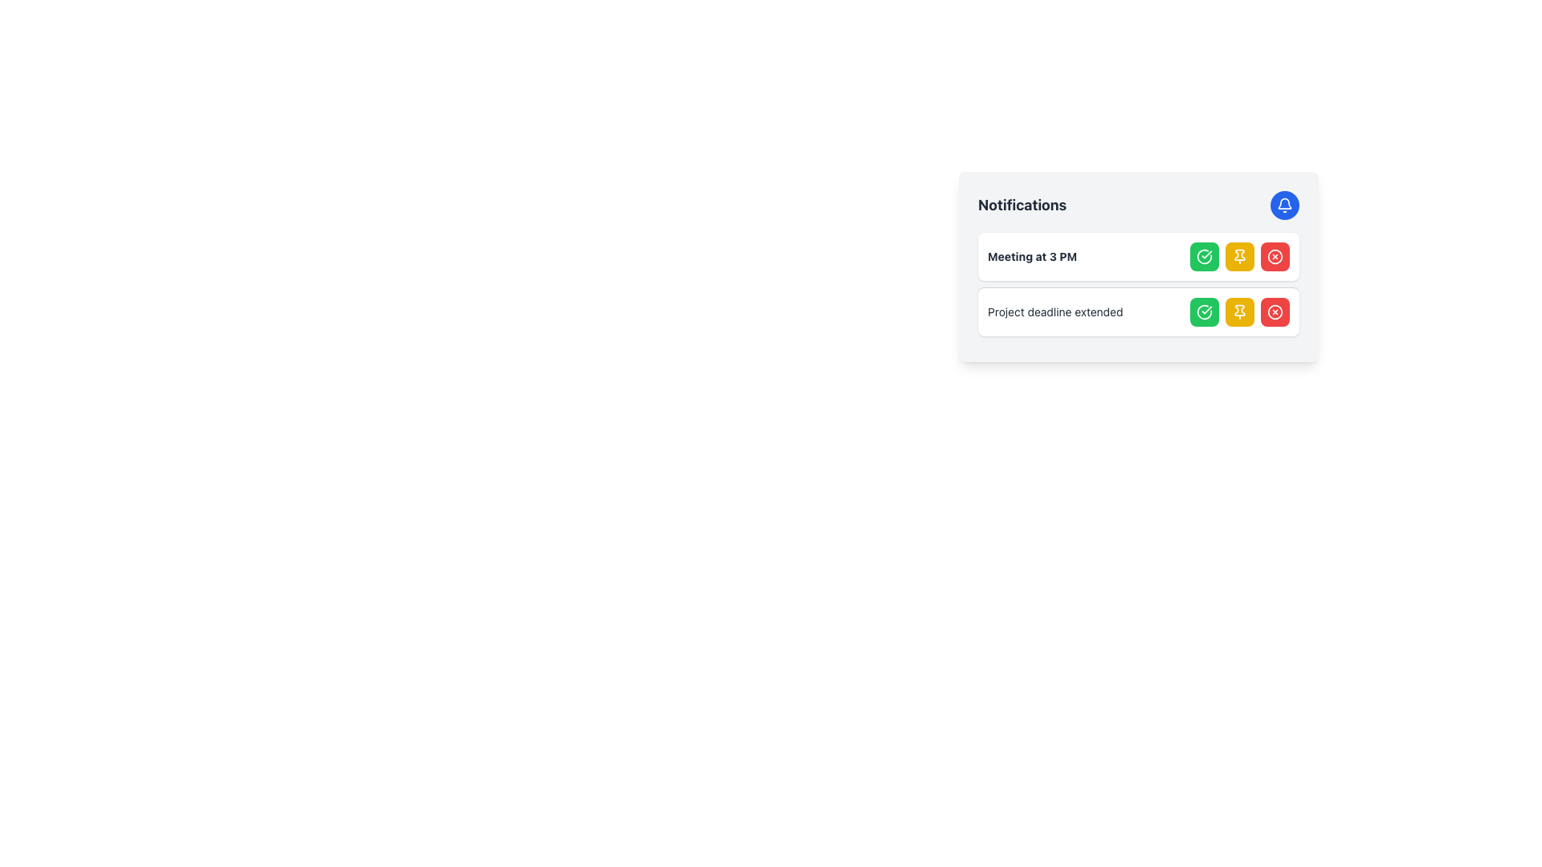  I want to click on the second button (green) in the action group of the 'Project deadline extended' notification to pin it, so click(1239, 312).